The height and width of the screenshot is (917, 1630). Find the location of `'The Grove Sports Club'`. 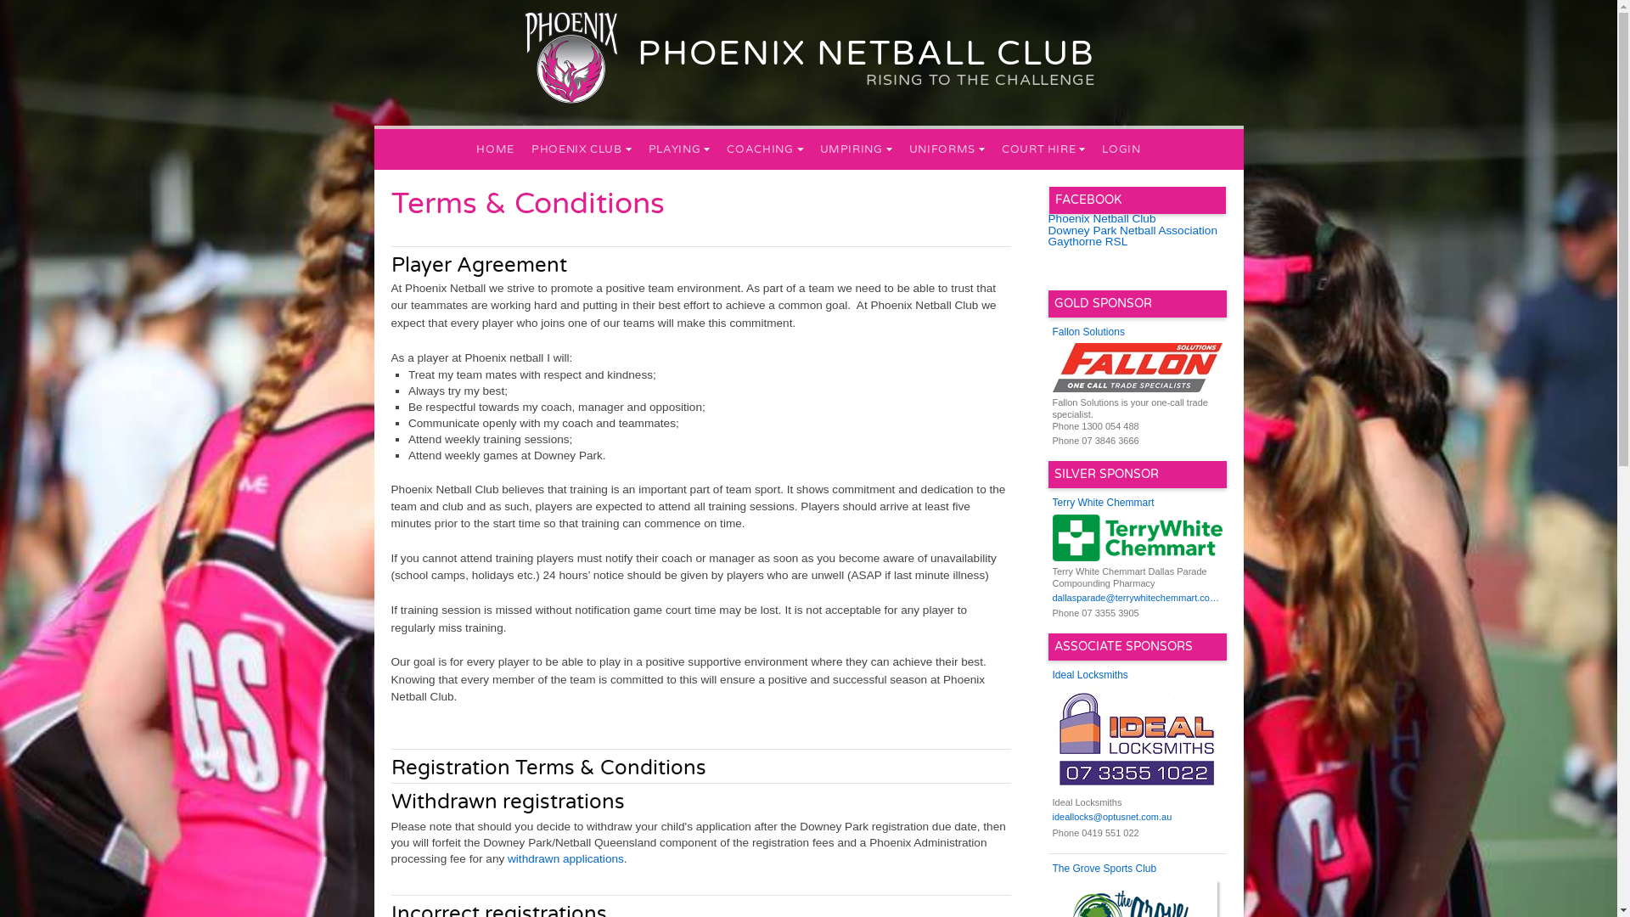

'The Grove Sports Club' is located at coordinates (1051, 869).